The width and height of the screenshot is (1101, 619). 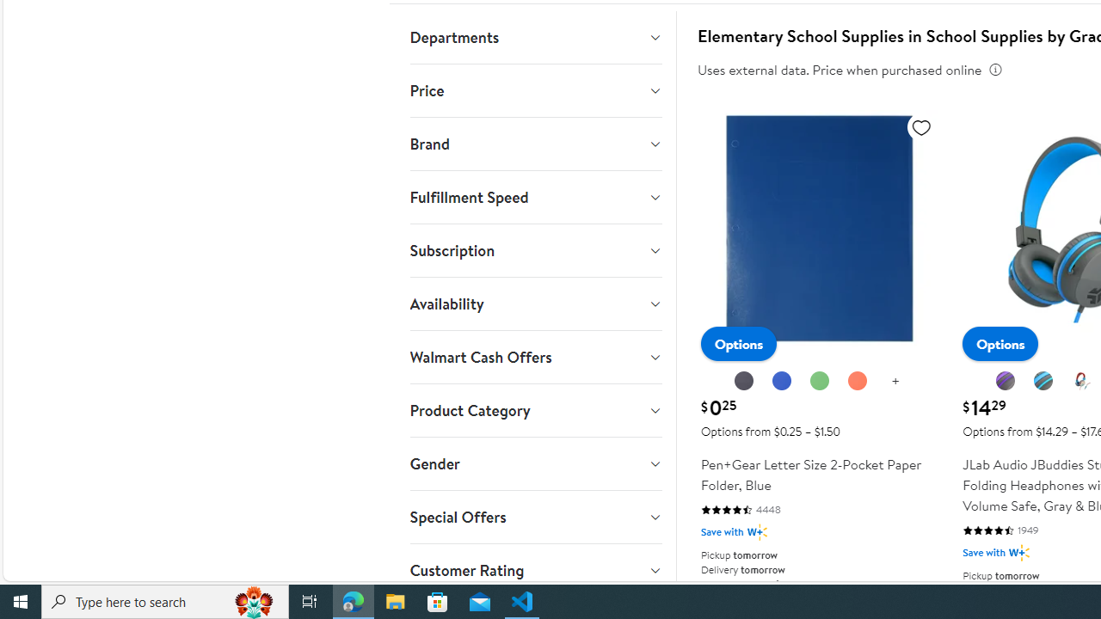 What do you see at coordinates (534, 464) in the screenshot?
I see `'Gender'` at bounding box center [534, 464].